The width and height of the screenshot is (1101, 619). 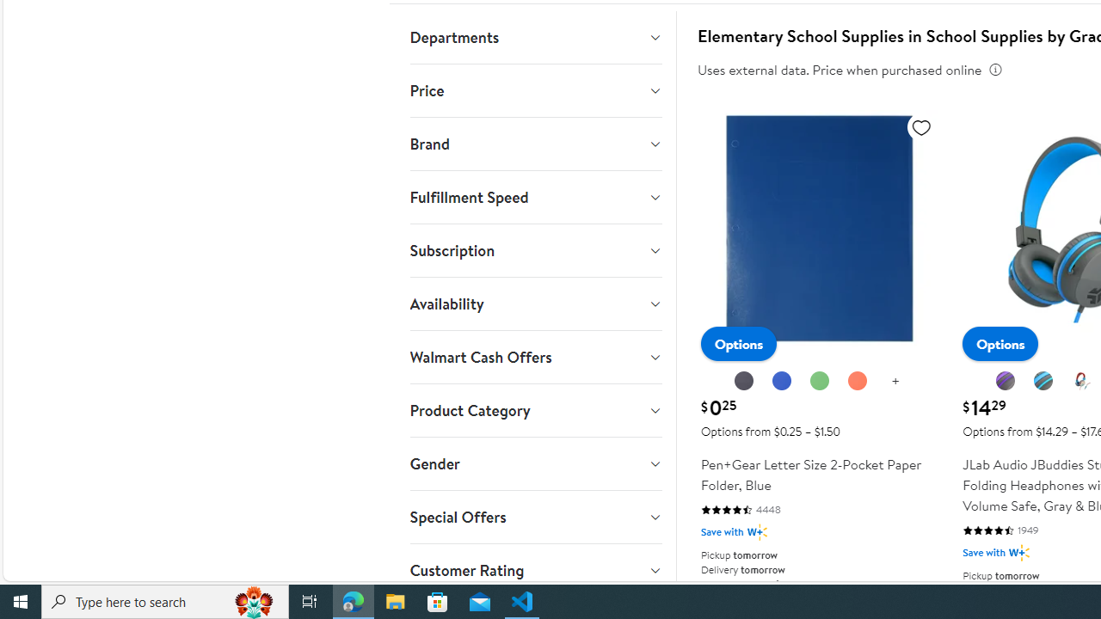 What do you see at coordinates (534, 464) in the screenshot?
I see `'Gender'` at bounding box center [534, 464].